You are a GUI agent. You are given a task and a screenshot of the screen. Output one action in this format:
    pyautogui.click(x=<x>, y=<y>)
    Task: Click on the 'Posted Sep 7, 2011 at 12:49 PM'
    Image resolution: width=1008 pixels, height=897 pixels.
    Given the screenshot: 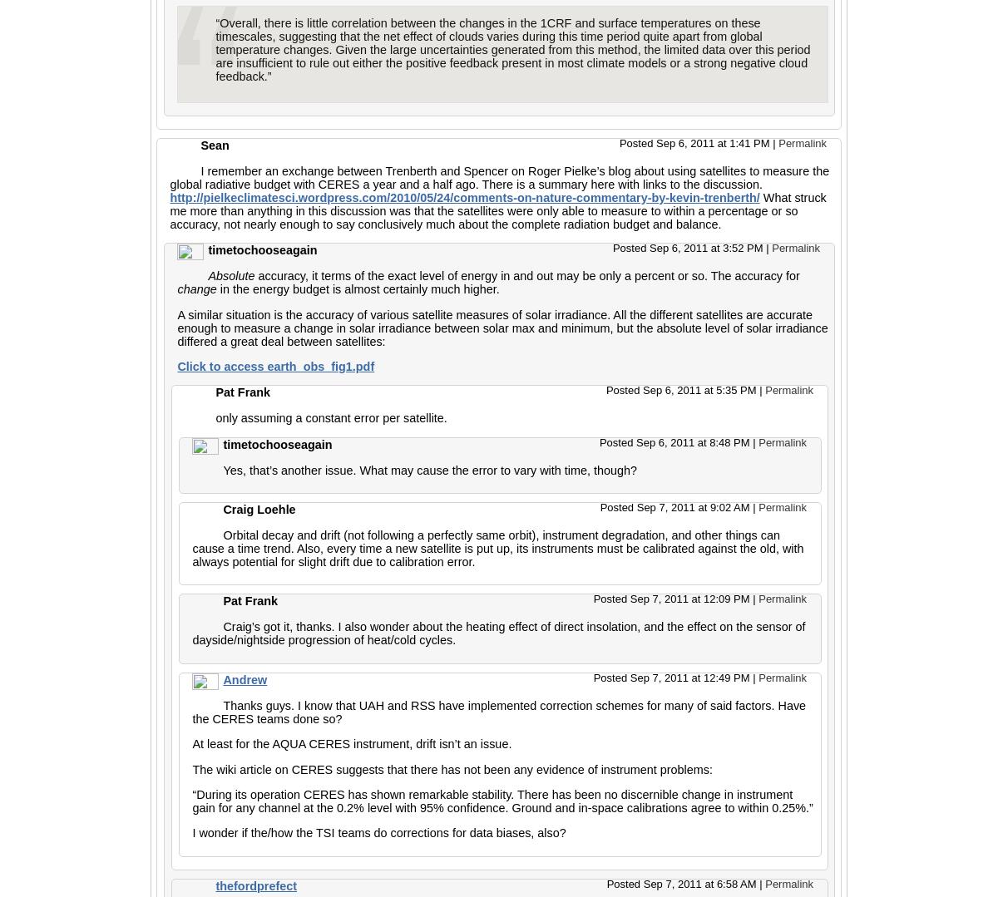 What is the action you would take?
    pyautogui.click(x=672, y=676)
    